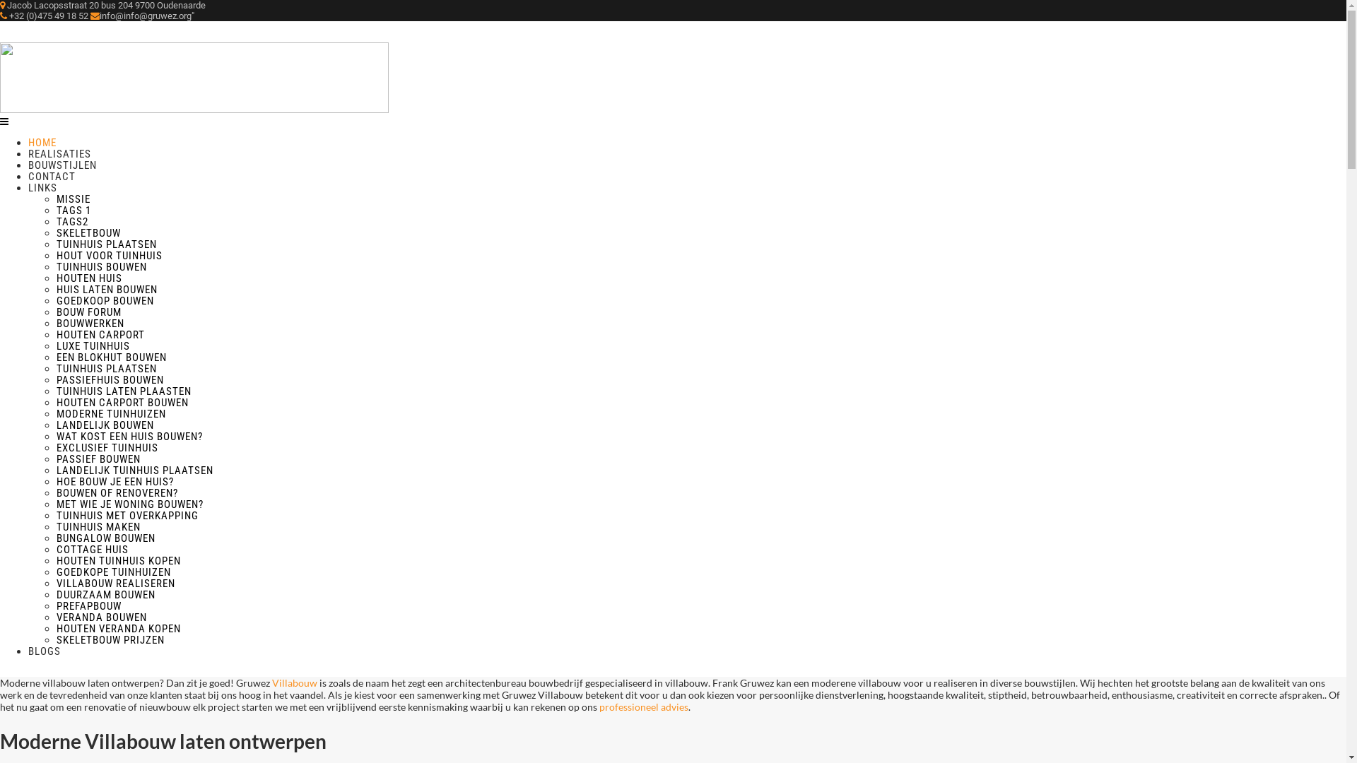  I want to click on 'LINKS', so click(42, 187).